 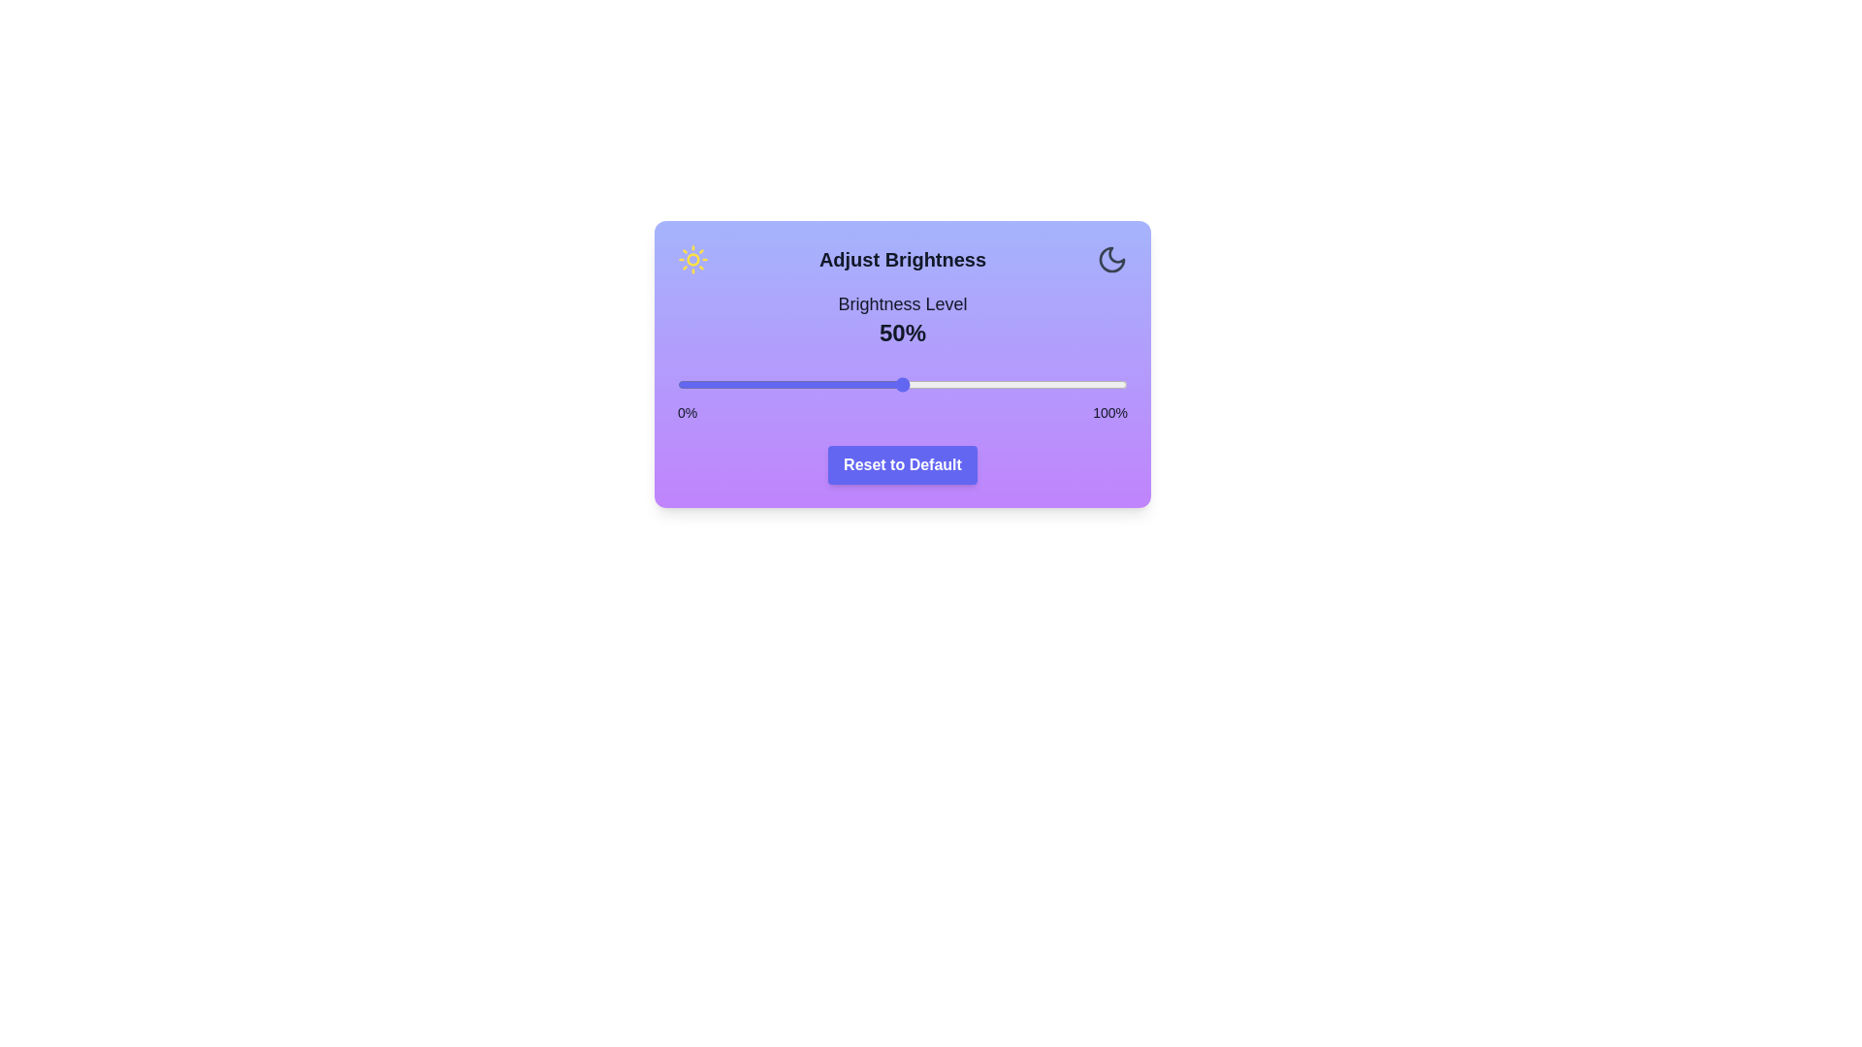 What do you see at coordinates (771, 385) in the screenshot?
I see `the brightness to 21% by moving the slider` at bounding box center [771, 385].